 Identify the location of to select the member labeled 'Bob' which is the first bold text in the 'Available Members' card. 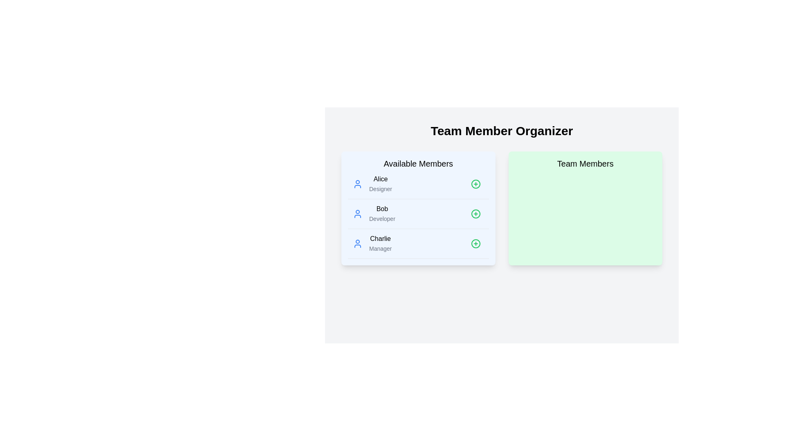
(381, 209).